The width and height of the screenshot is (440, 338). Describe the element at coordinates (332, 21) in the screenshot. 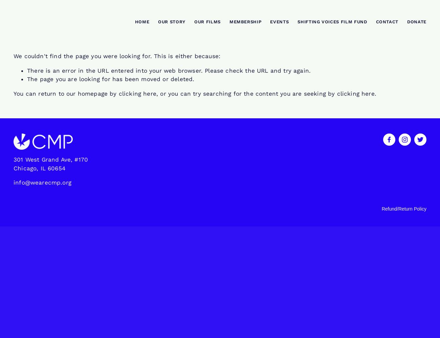

I see `'Shifting Voices Film Fund'` at that location.